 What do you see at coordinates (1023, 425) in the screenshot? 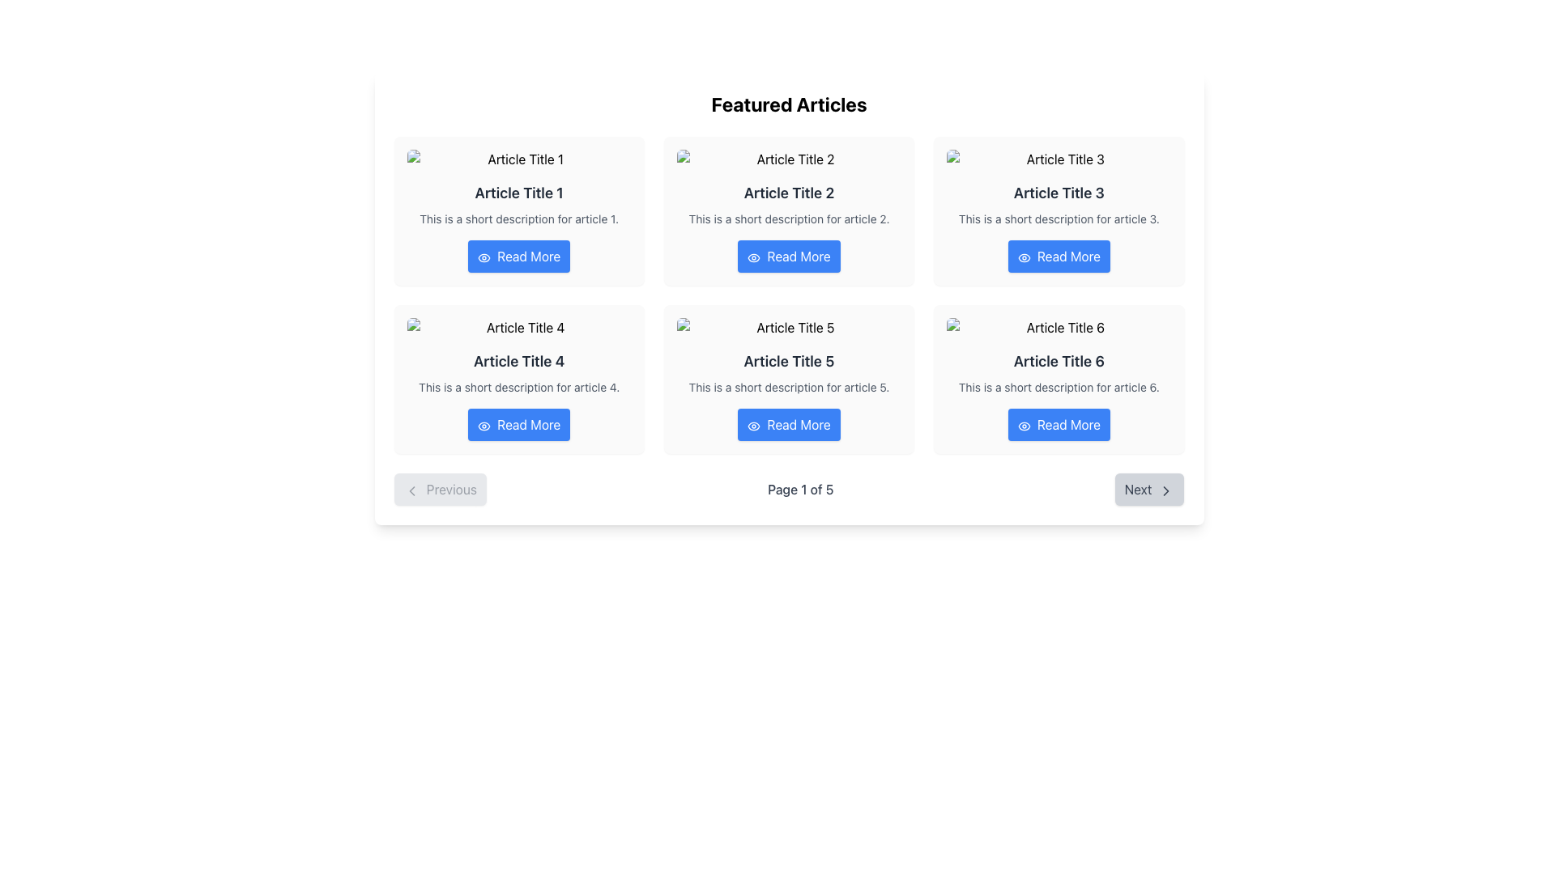
I see `the eye icon part of the 'Read More' button under 'Article Title 6' to invoke the associated action` at bounding box center [1023, 425].